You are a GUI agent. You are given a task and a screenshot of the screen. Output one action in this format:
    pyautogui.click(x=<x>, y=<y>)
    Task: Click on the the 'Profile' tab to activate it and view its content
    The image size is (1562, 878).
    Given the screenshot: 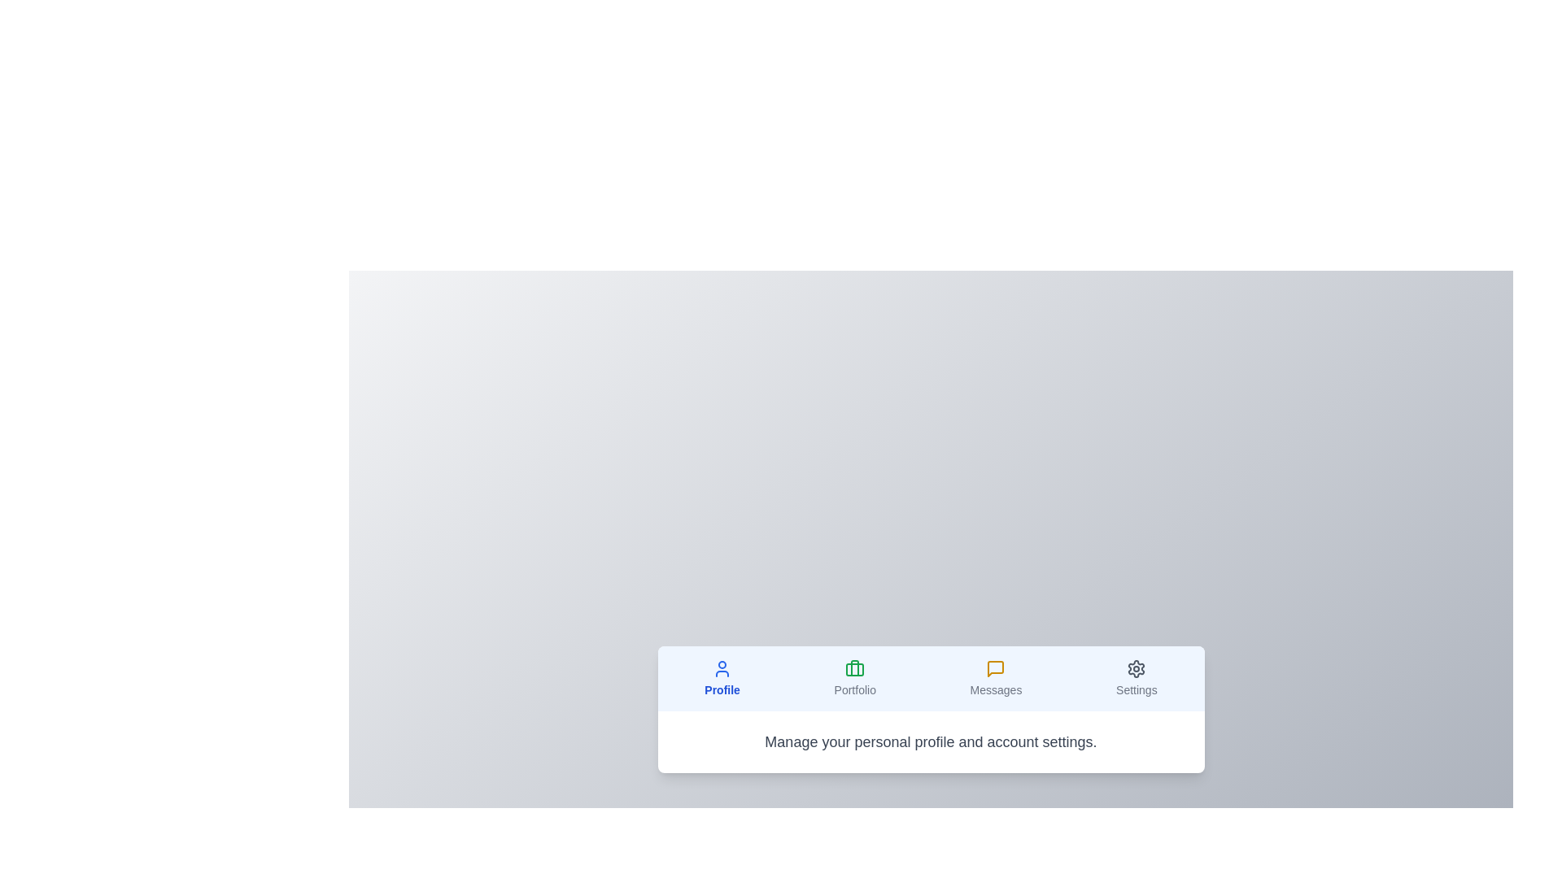 What is the action you would take?
    pyautogui.click(x=722, y=678)
    